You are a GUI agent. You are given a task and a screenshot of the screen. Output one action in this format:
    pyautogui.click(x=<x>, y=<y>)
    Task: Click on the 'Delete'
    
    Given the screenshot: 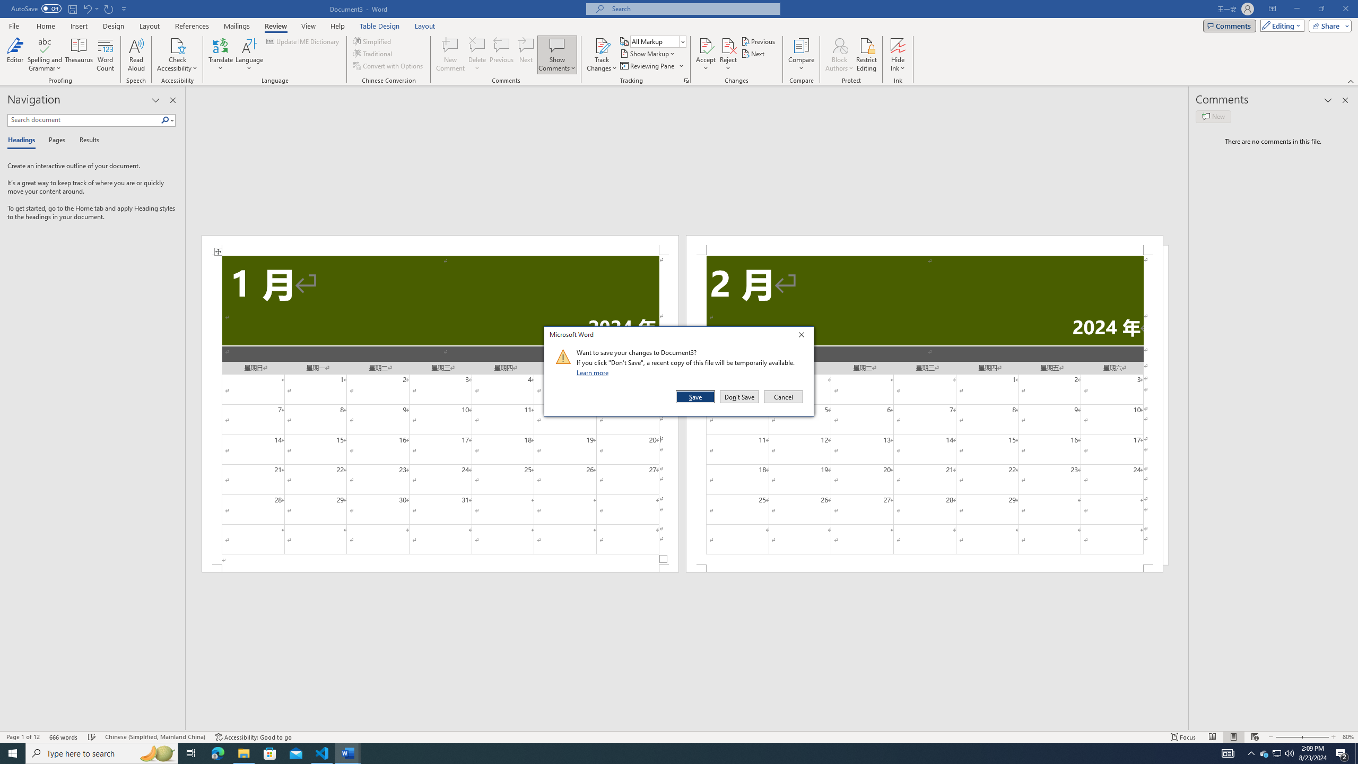 What is the action you would take?
    pyautogui.click(x=476, y=55)
    